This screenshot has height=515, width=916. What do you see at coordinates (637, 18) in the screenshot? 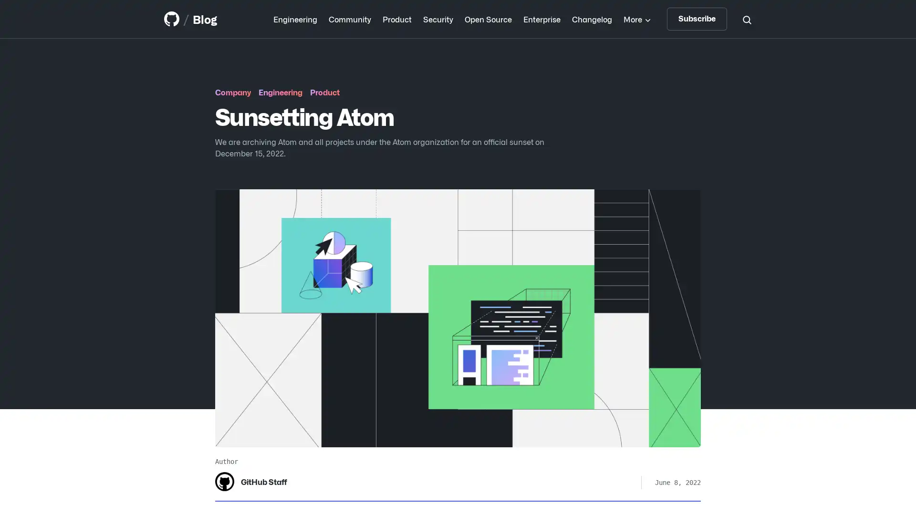
I see `More` at bounding box center [637, 18].